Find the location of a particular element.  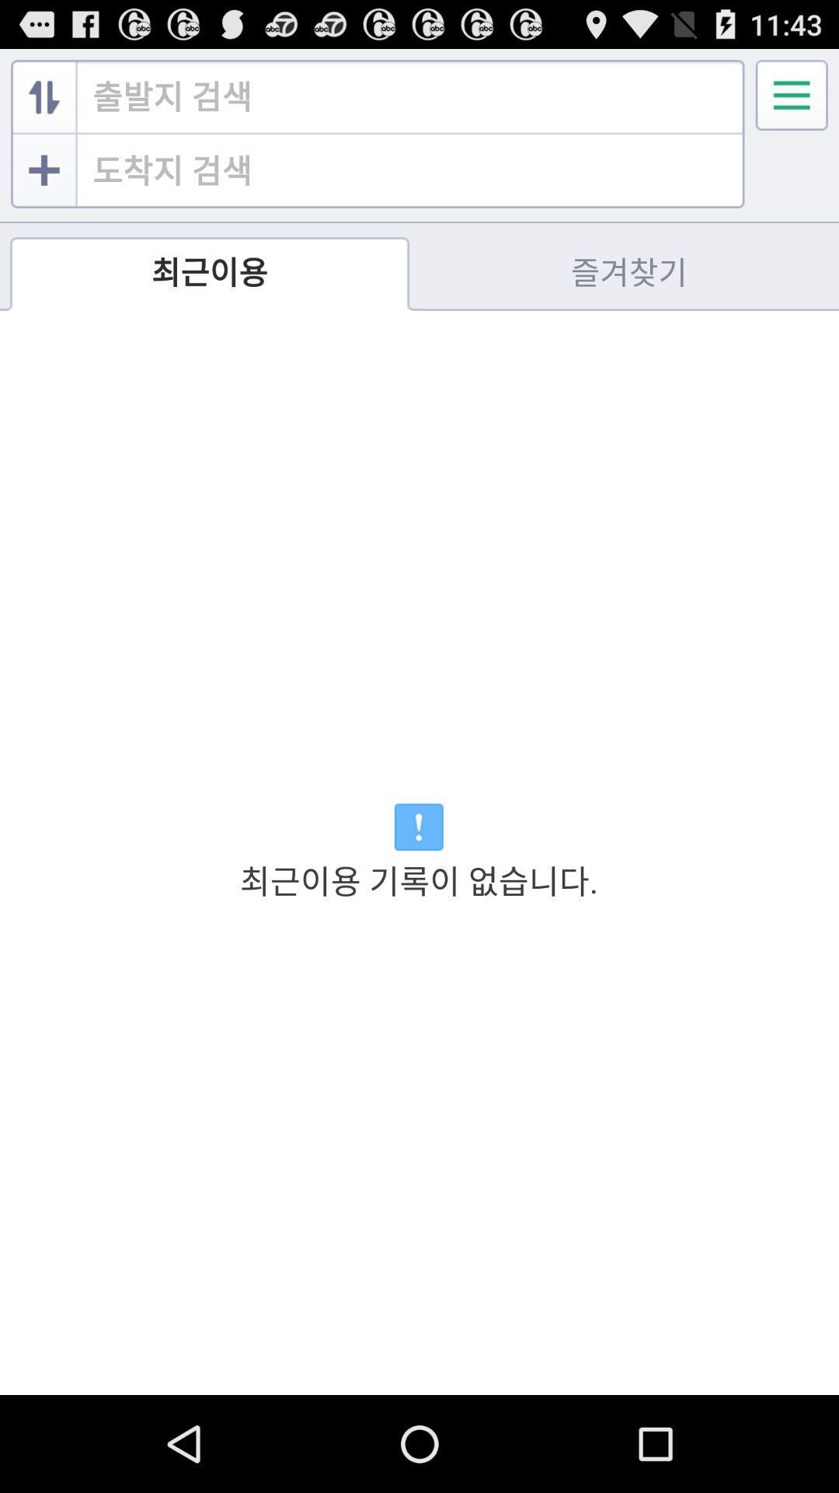

the add icon is located at coordinates (46, 205).